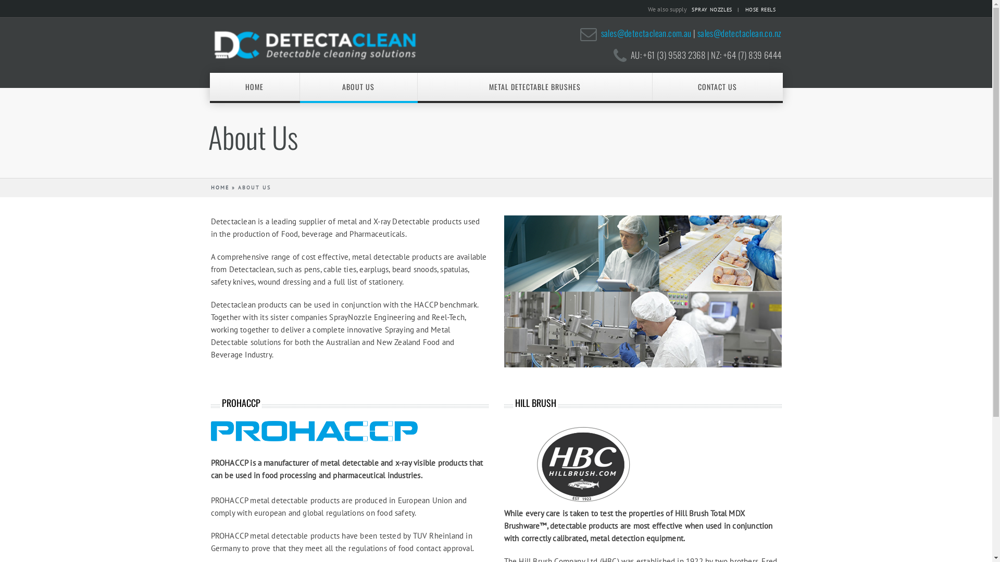  Describe the element at coordinates (714, 9) in the screenshot. I see `'SPRAY NOZZLES'` at that location.